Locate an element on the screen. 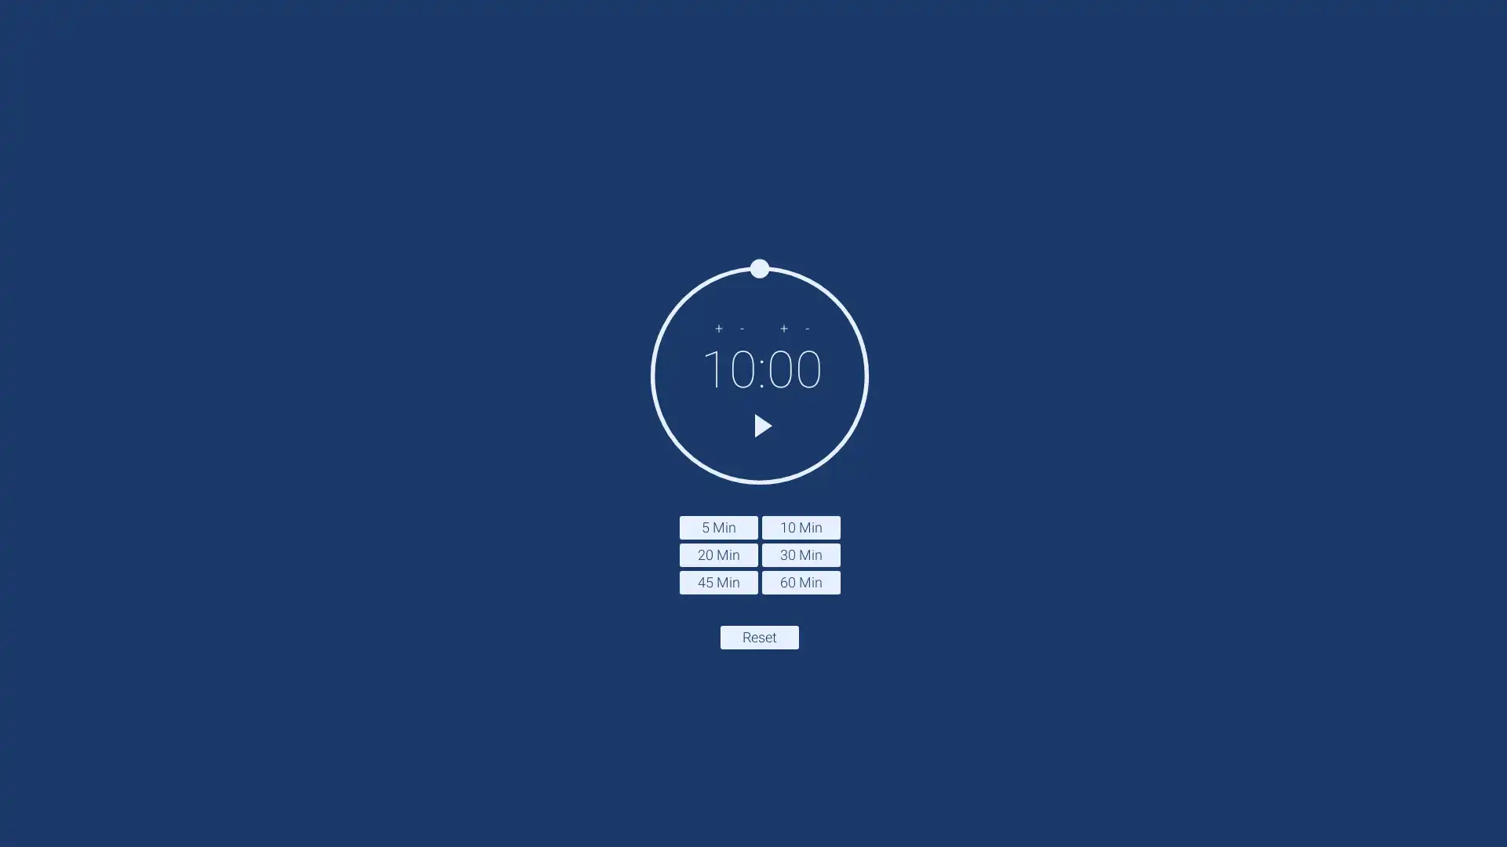  5 Min is located at coordinates (717, 526).